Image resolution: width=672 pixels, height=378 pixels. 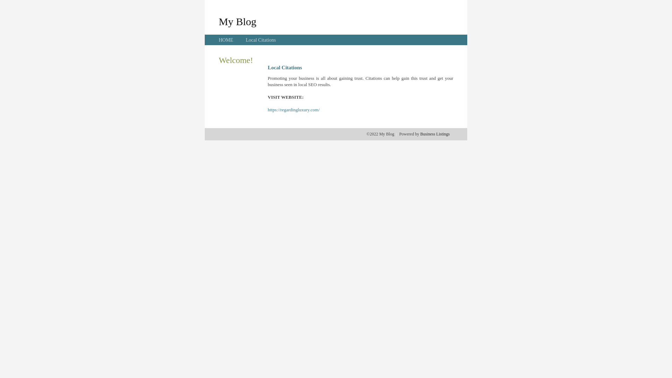 I want to click on 'My Blog', so click(x=218, y=21).